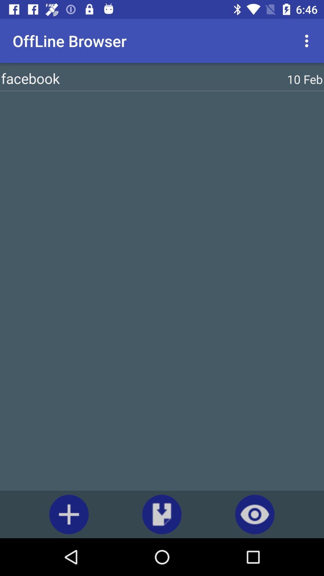 This screenshot has height=576, width=324. Describe the element at coordinates (161, 514) in the screenshot. I see `the file_download icon` at that location.